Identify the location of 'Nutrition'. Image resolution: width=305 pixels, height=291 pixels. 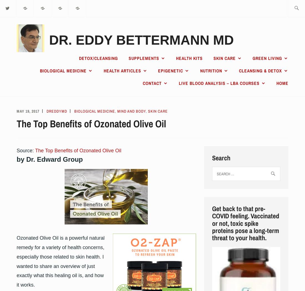
(211, 70).